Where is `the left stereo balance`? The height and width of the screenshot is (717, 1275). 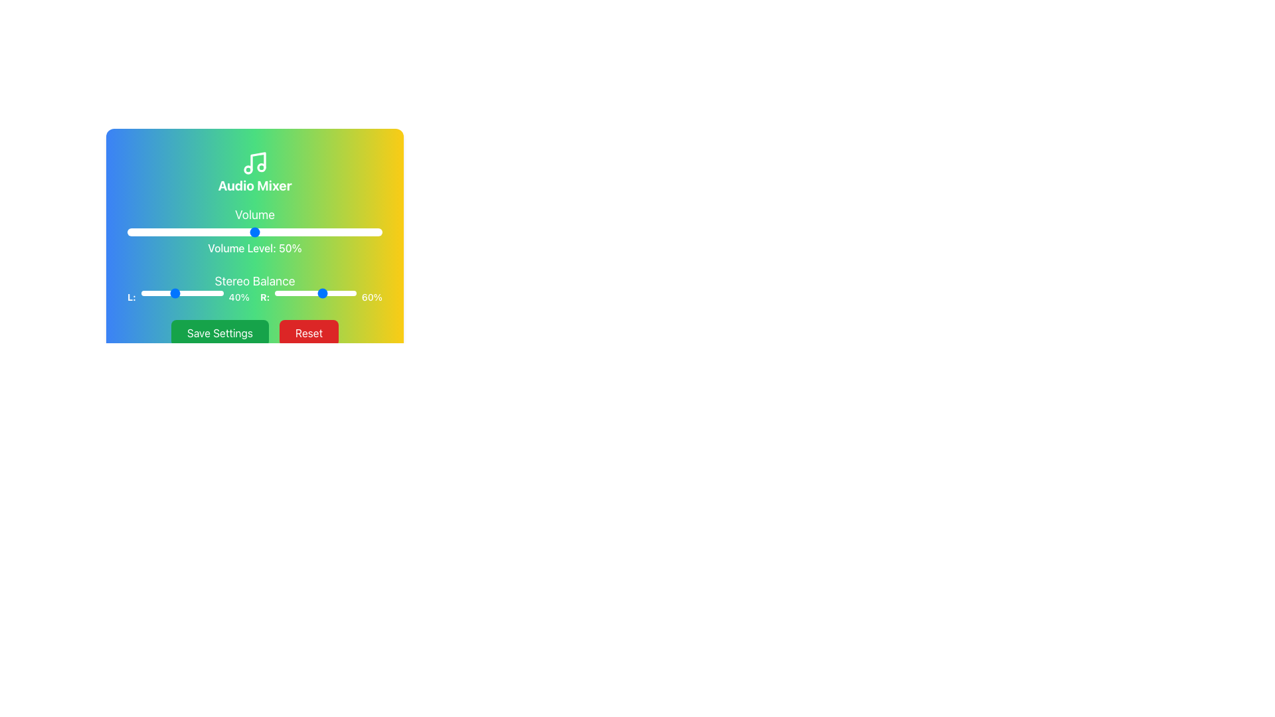
the left stereo balance is located at coordinates (157, 293).